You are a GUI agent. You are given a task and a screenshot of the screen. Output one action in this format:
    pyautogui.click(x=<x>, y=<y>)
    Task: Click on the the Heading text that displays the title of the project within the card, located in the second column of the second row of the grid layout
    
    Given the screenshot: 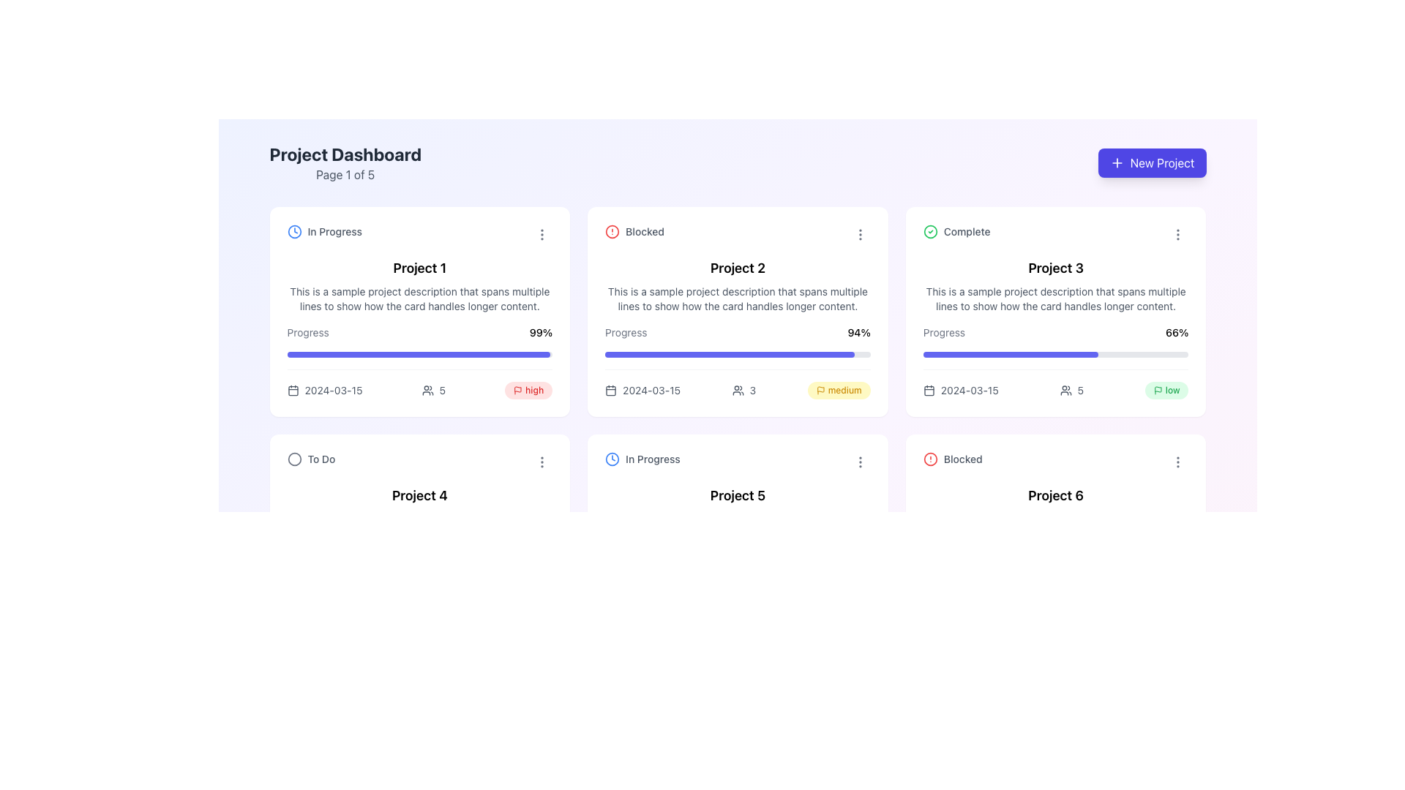 What is the action you would take?
    pyautogui.click(x=1056, y=495)
    